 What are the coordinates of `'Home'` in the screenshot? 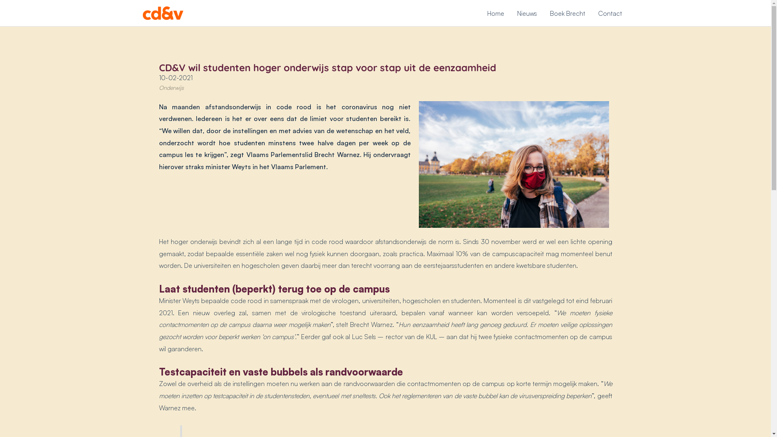 It's located at (495, 13).